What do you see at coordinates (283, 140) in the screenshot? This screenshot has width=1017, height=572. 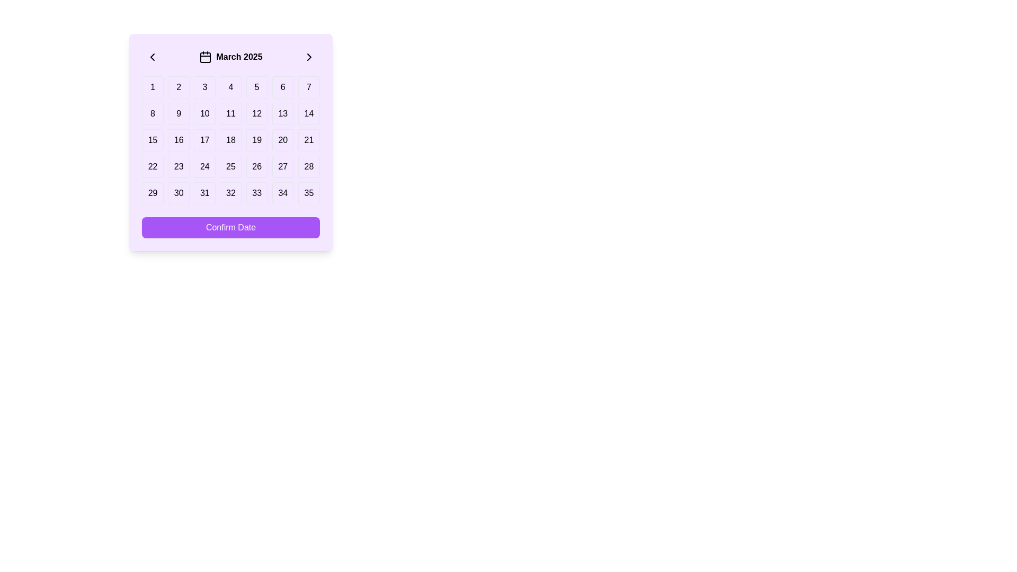 I see `the square-shaped button with a pale purple background, which contains the number '20' in bold black color, located in the third row and sixth column of the grid below the heading 'March 2025'` at bounding box center [283, 140].